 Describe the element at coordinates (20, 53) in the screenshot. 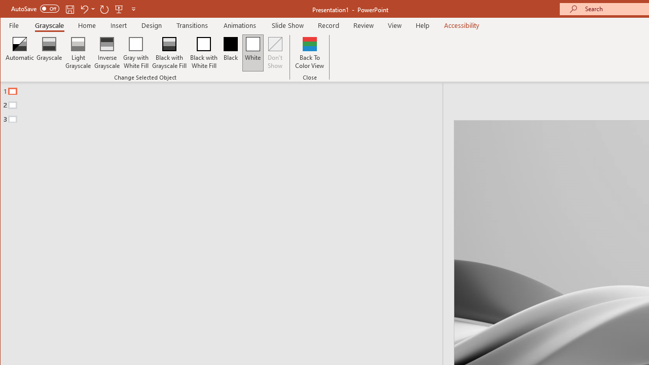

I see `'Automatic'` at that location.